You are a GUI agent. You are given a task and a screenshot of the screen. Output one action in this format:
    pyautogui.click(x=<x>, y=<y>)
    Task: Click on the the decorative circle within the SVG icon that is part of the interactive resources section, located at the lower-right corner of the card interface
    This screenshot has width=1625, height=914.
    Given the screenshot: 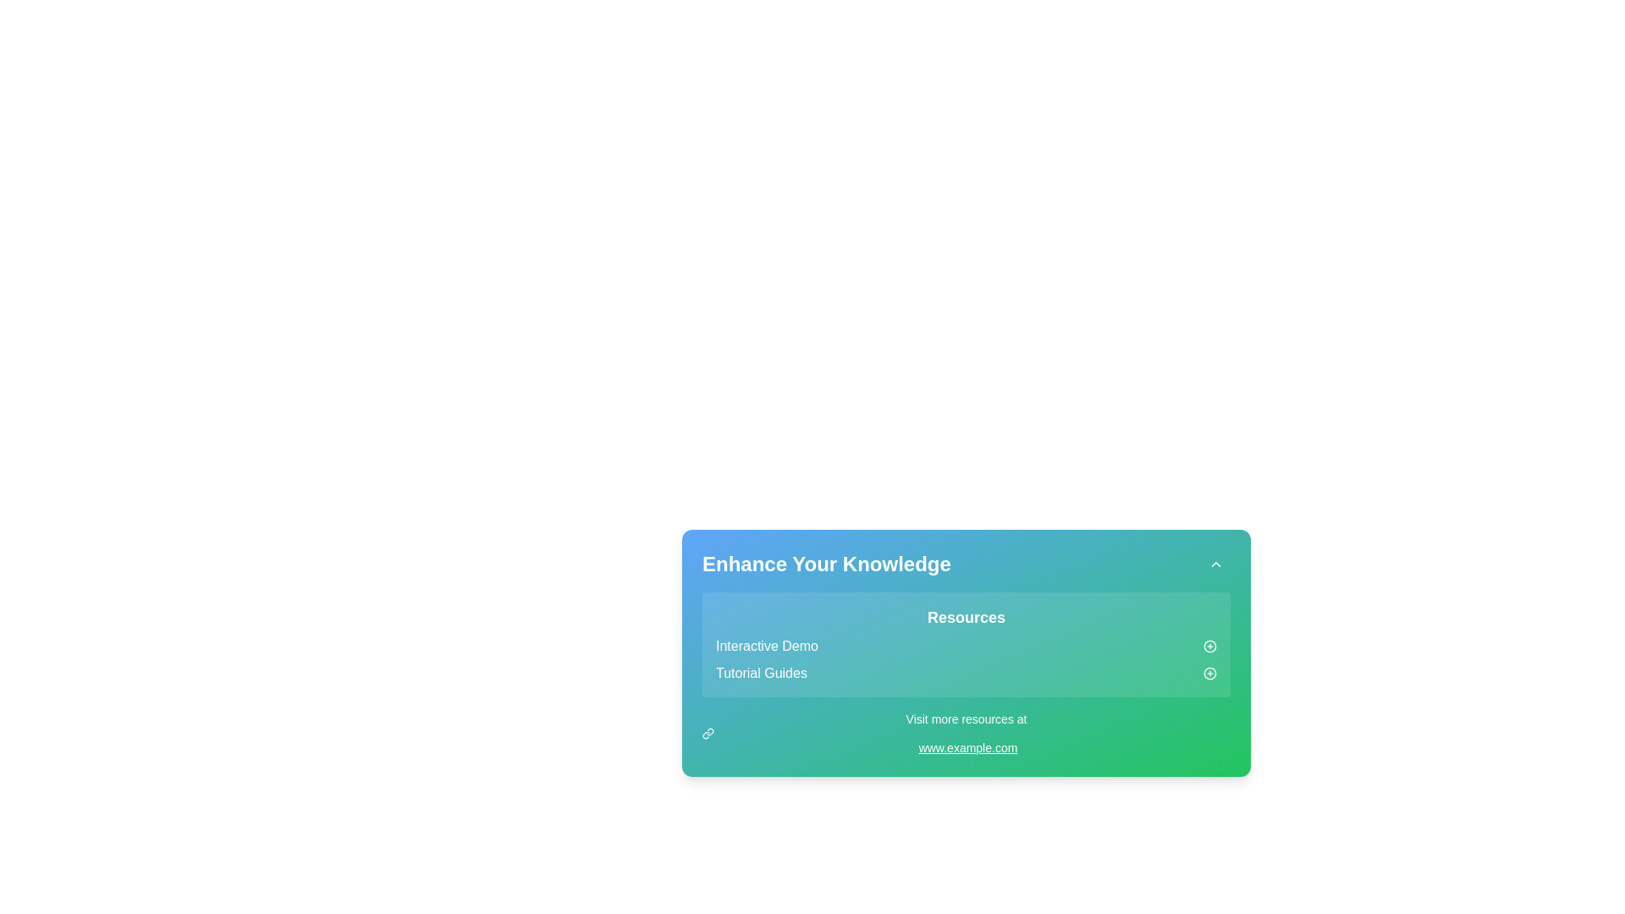 What is the action you would take?
    pyautogui.click(x=1209, y=646)
    